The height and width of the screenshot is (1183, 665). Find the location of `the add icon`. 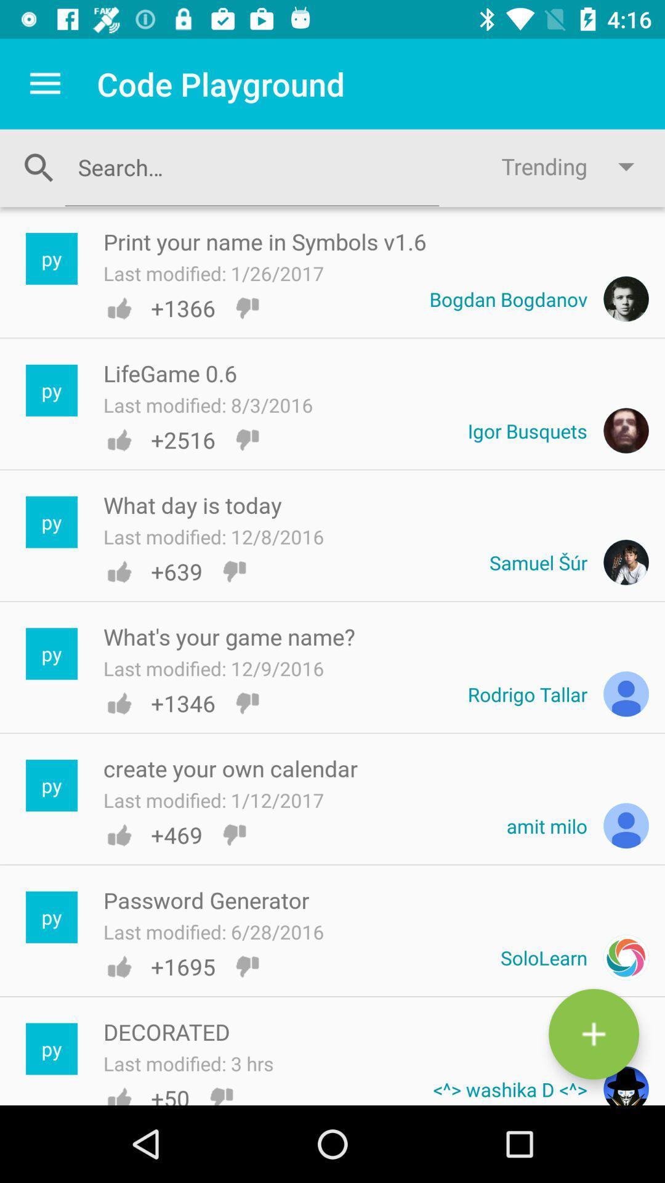

the add icon is located at coordinates (593, 1034).